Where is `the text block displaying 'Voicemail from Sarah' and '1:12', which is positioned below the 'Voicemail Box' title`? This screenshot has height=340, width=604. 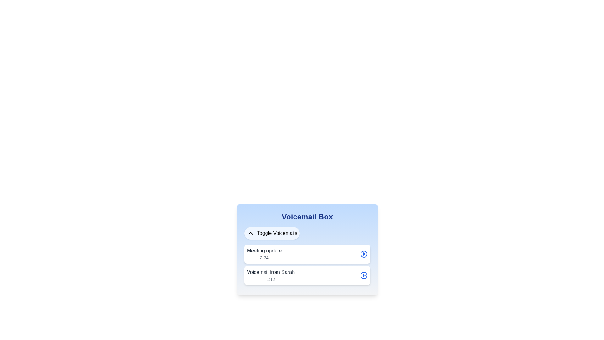 the text block displaying 'Voicemail from Sarah' and '1:12', which is positioned below the 'Voicemail Box' title is located at coordinates (271, 275).